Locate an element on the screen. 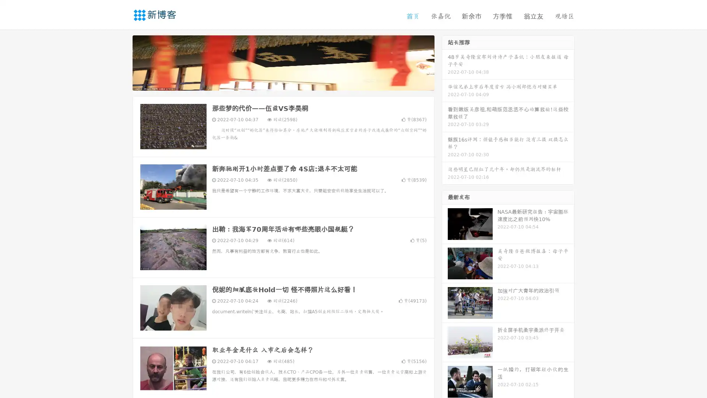  Go to slide 1 is located at coordinates (275, 83).